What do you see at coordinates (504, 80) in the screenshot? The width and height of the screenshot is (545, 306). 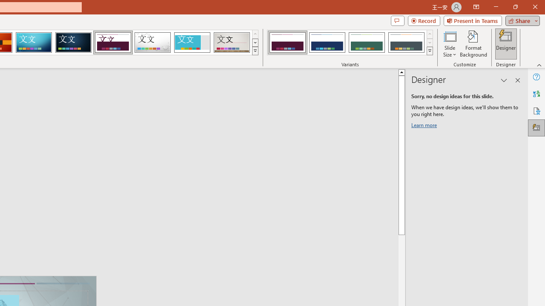 I see `'Task Pane Options'` at bounding box center [504, 80].